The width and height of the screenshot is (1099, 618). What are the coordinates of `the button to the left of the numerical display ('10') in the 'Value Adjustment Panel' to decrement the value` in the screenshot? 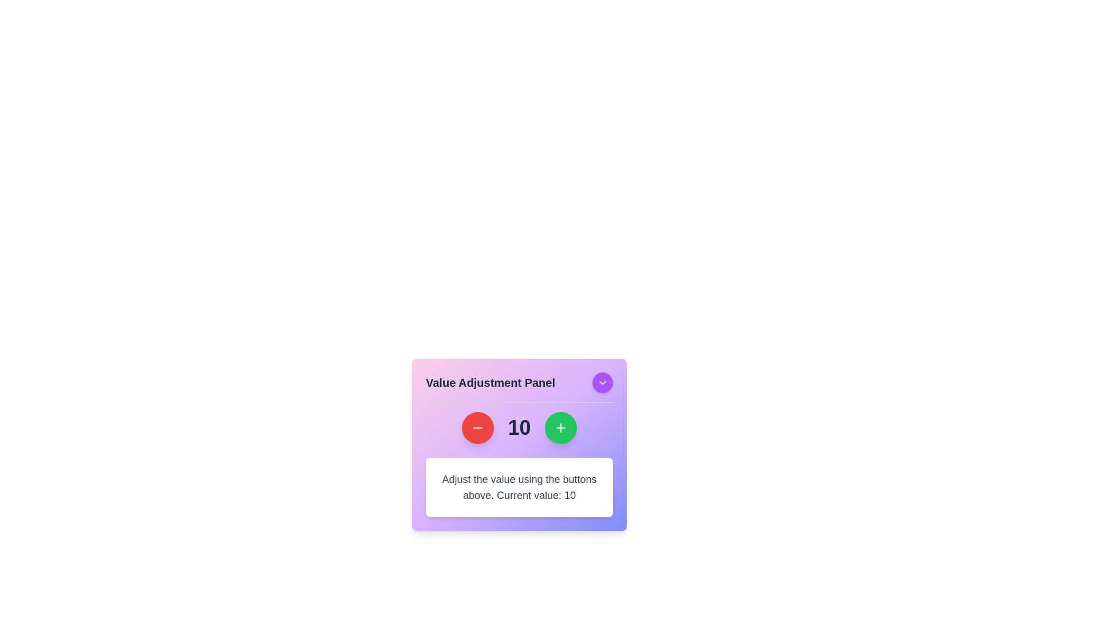 It's located at (478, 428).